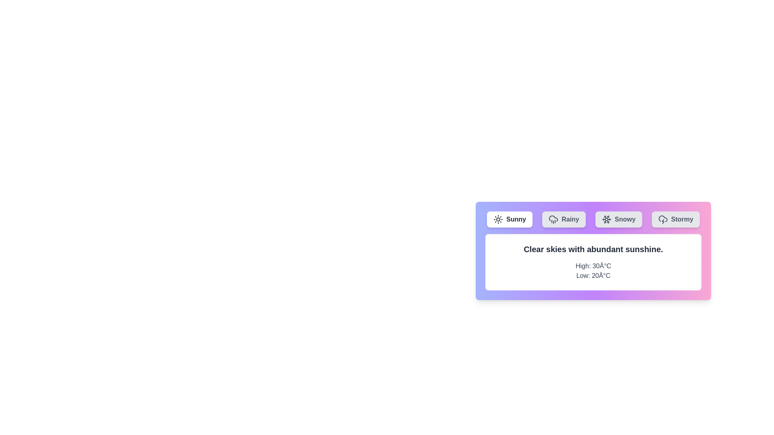 The width and height of the screenshot is (774, 435). Describe the element at coordinates (676, 219) in the screenshot. I see `the weather tab labeled Stormy` at that location.